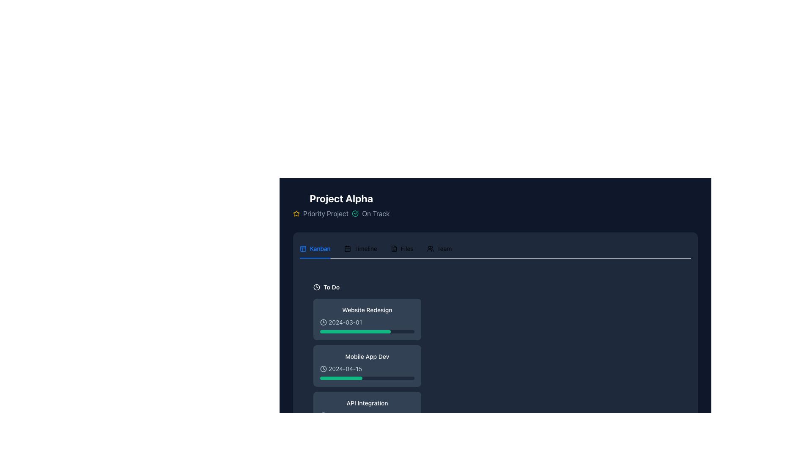  What do you see at coordinates (367, 378) in the screenshot?
I see `the progress represented by the horizontal progress bar with a dark slate background and green segment, located in the 'Mobile App Dev' card in the 'To Do' column, below the text '2024-04-15'` at bounding box center [367, 378].